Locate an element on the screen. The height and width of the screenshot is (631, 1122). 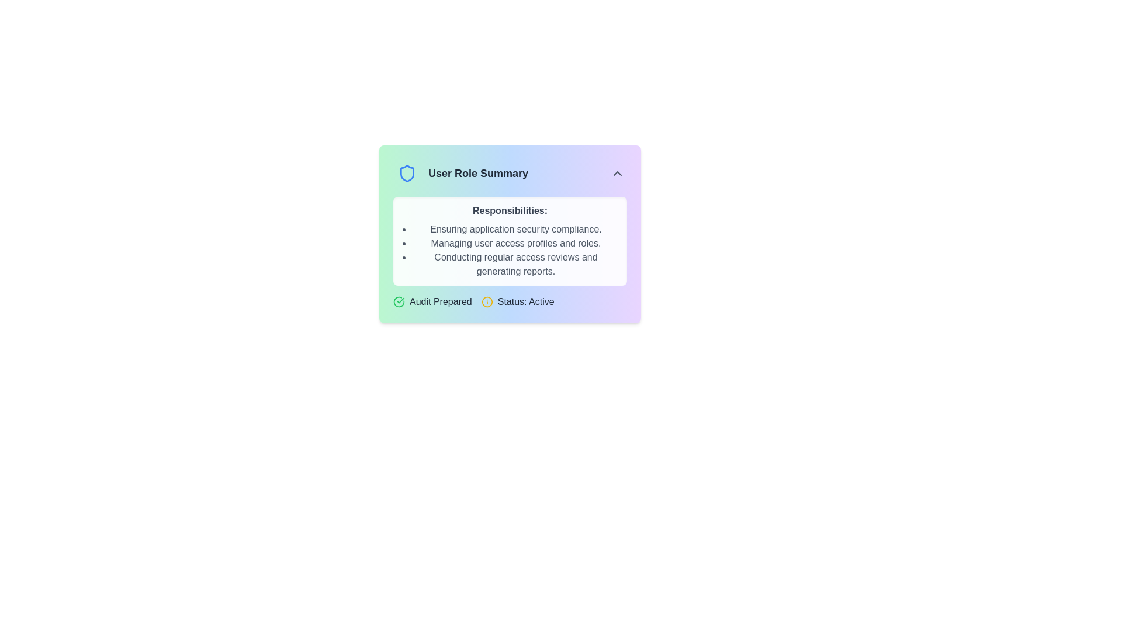
the information icon located adjacent to the textual status label 'Status: Active' in the lower part of the user interface is located at coordinates (487, 301).